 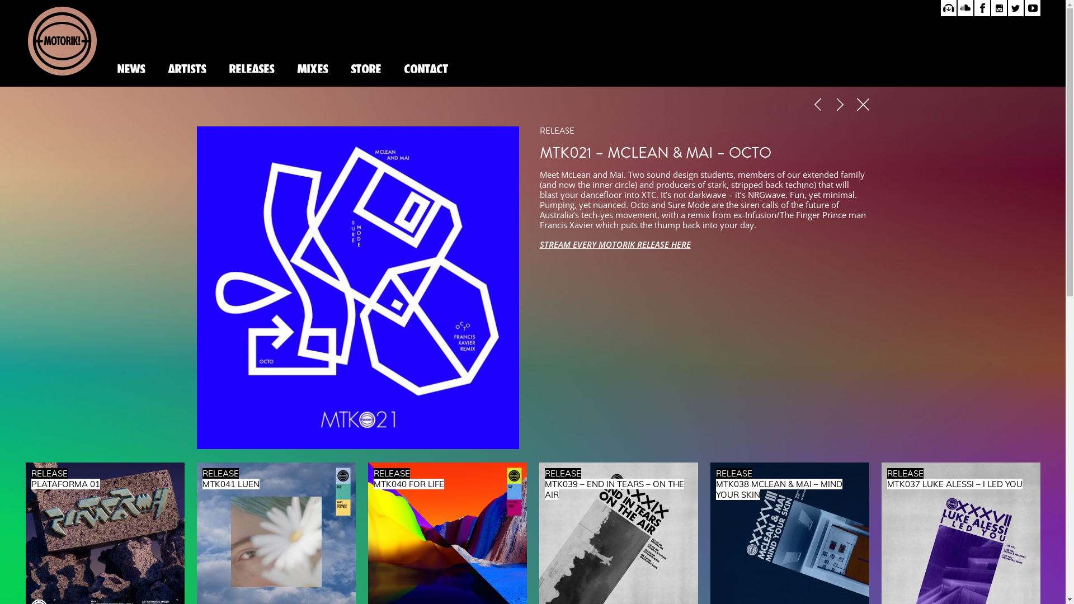 What do you see at coordinates (130, 67) in the screenshot?
I see `'NEWS'` at bounding box center [130, 67].